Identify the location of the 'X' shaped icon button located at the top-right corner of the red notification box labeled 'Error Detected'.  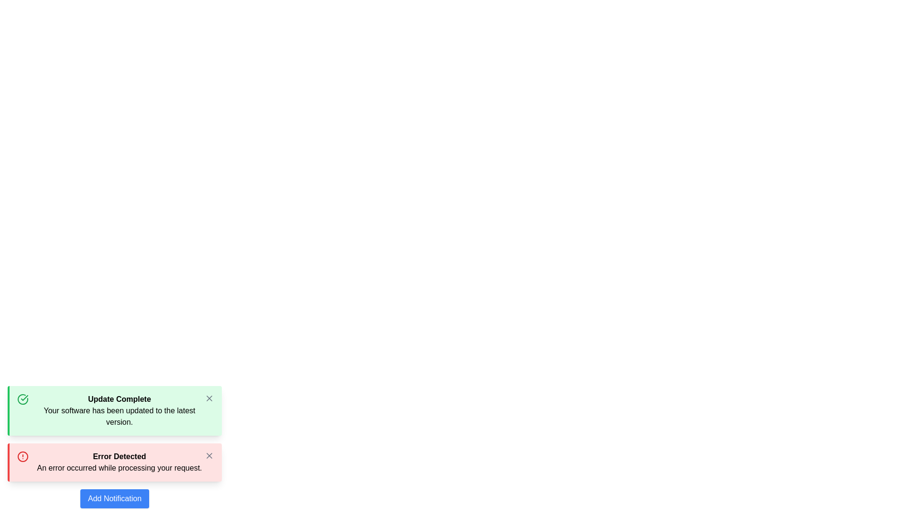
(208, 455).